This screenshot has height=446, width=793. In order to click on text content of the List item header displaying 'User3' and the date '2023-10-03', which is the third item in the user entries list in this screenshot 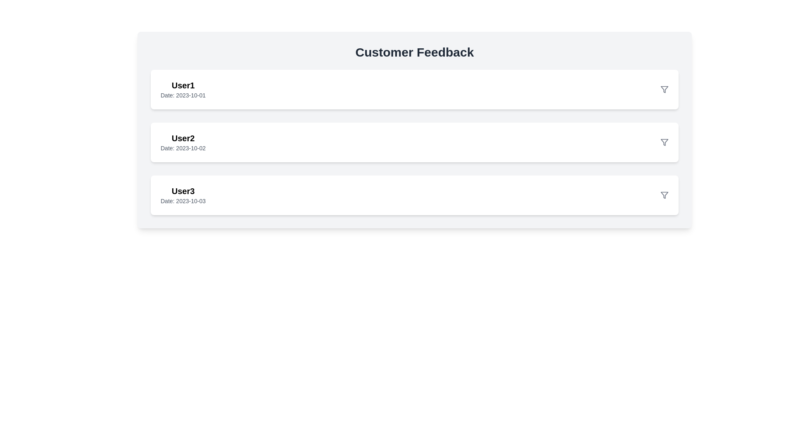, I will do `click(183, 195)`.